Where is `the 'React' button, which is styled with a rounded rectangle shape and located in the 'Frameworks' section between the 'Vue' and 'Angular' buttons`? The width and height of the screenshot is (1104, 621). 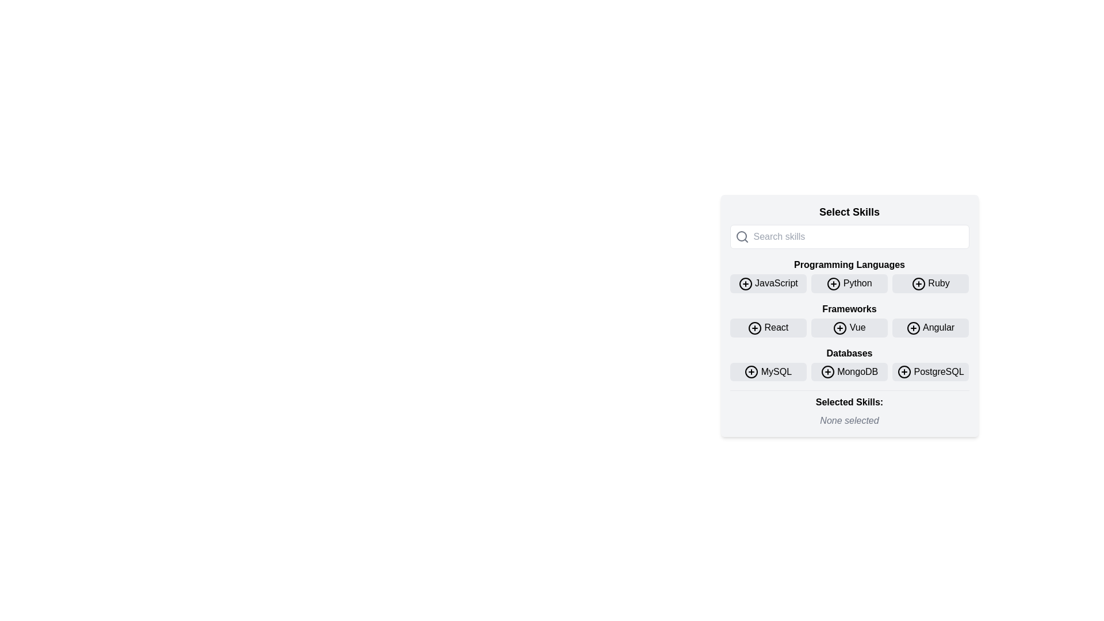 the 'React' button, which is styled with a rounded rectangle shape and located in the 'Frameworks' section between the 'Vue' and 'Angular' buttons is located at coordinates (768, 328).